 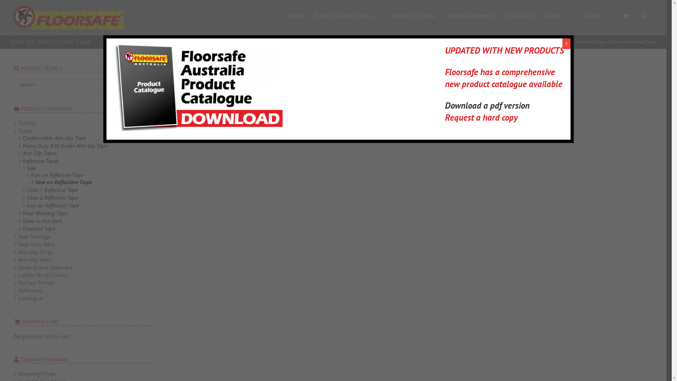 I want to click on 'Adhesives', so click(x=30, y=290).